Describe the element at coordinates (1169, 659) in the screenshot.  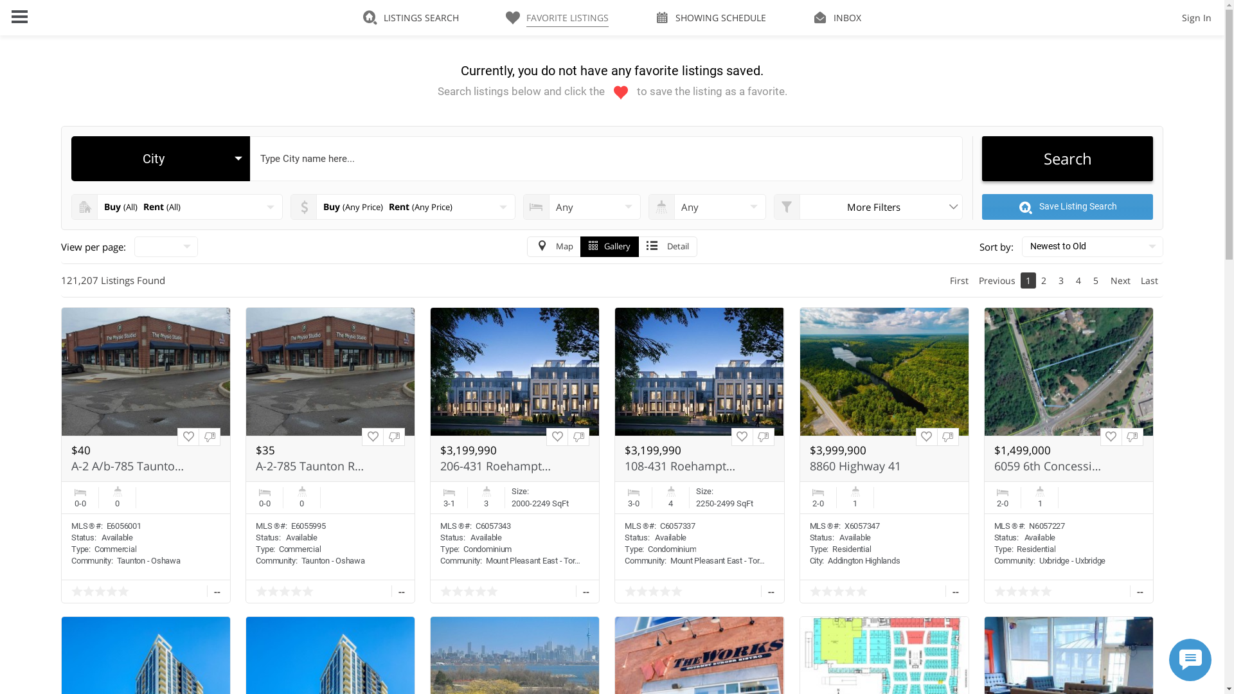
I see `'Live Chat'` at that location.